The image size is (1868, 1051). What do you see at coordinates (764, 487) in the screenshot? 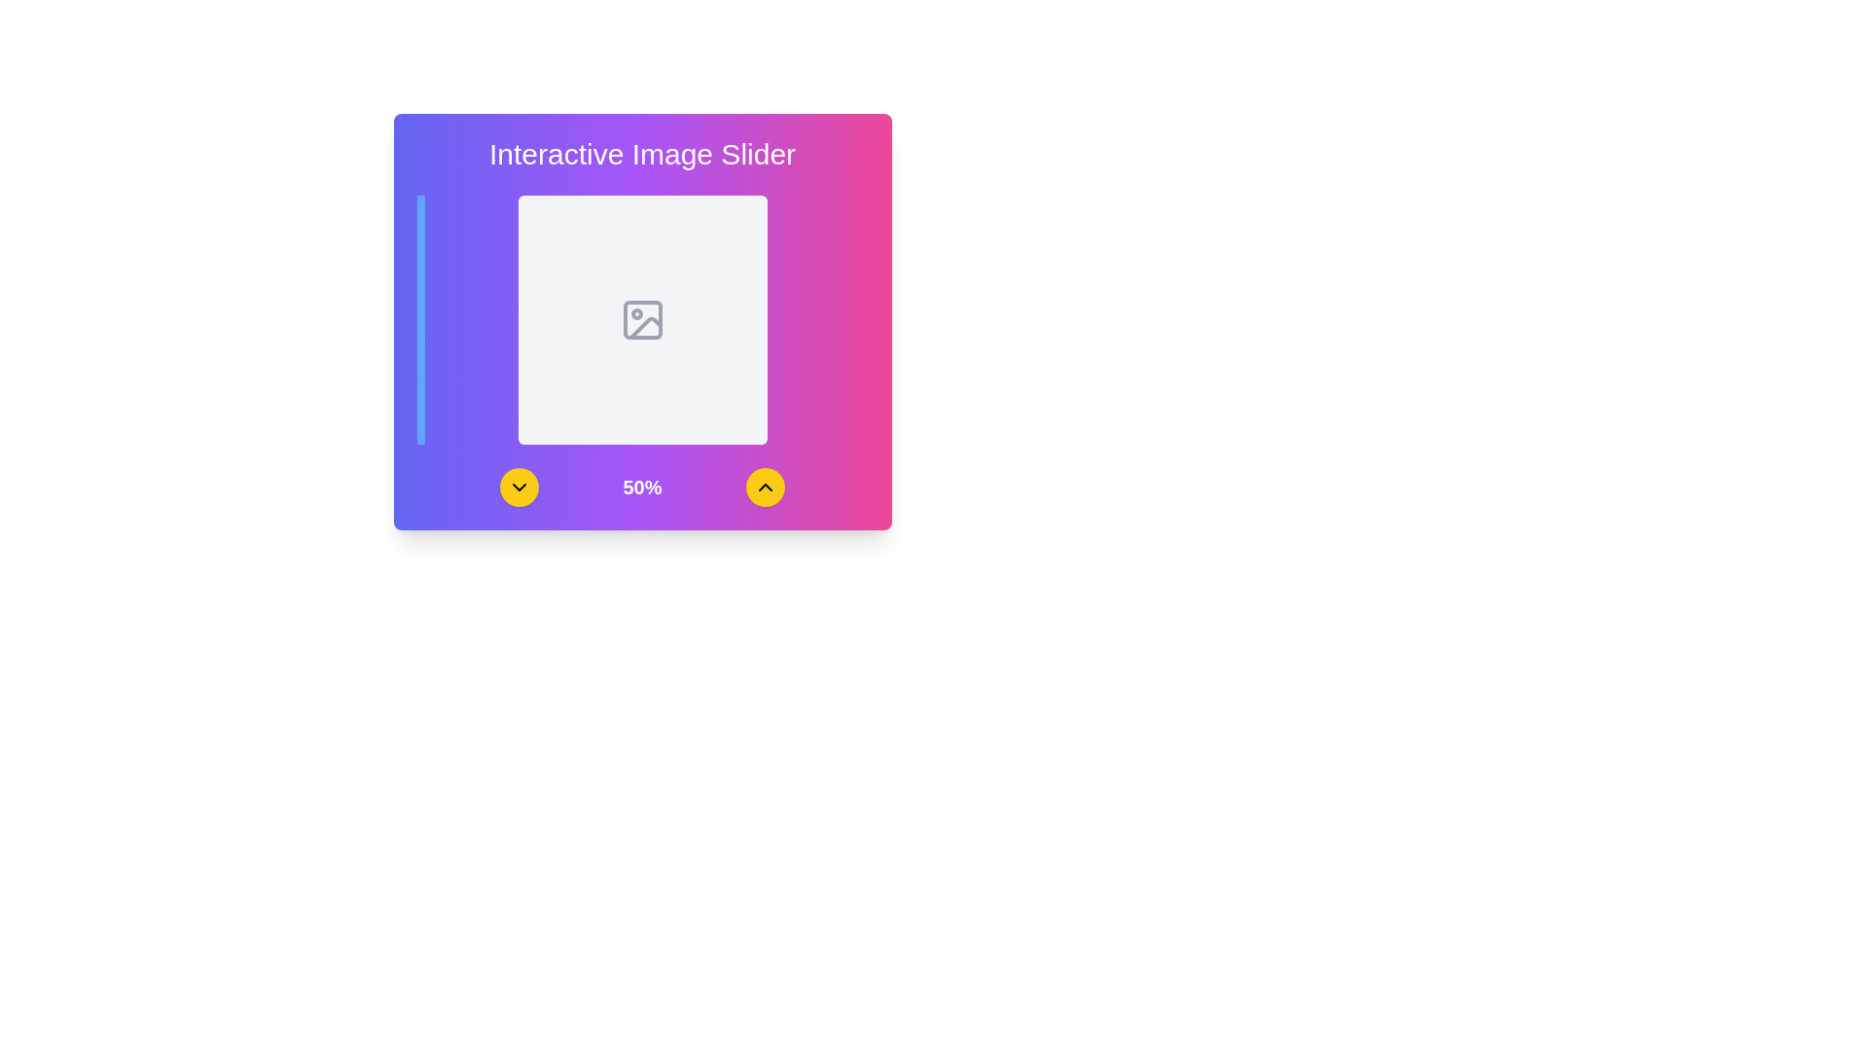
I see `the Up-chevron icon, which is a triangular icon resembling an upward arrow in black color, centered inside a yellow circular button located at the bottom-right of the main interface card` at bounding box center [764, 487].